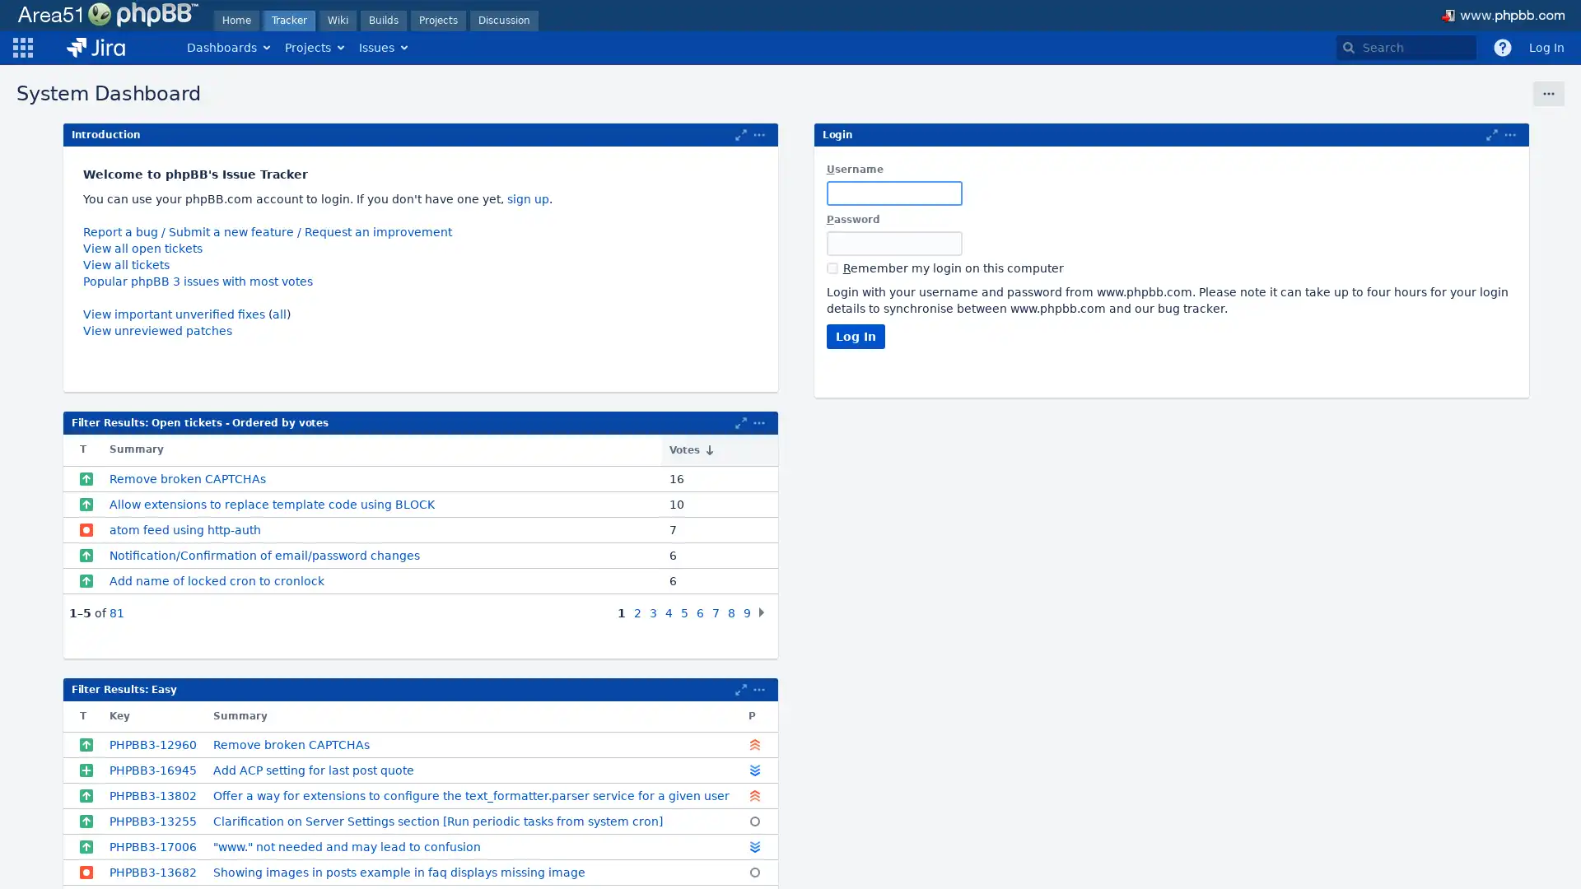 The height and width of the screenshot is (889, 1581). I want to click on Maximize, so click(740, 421).